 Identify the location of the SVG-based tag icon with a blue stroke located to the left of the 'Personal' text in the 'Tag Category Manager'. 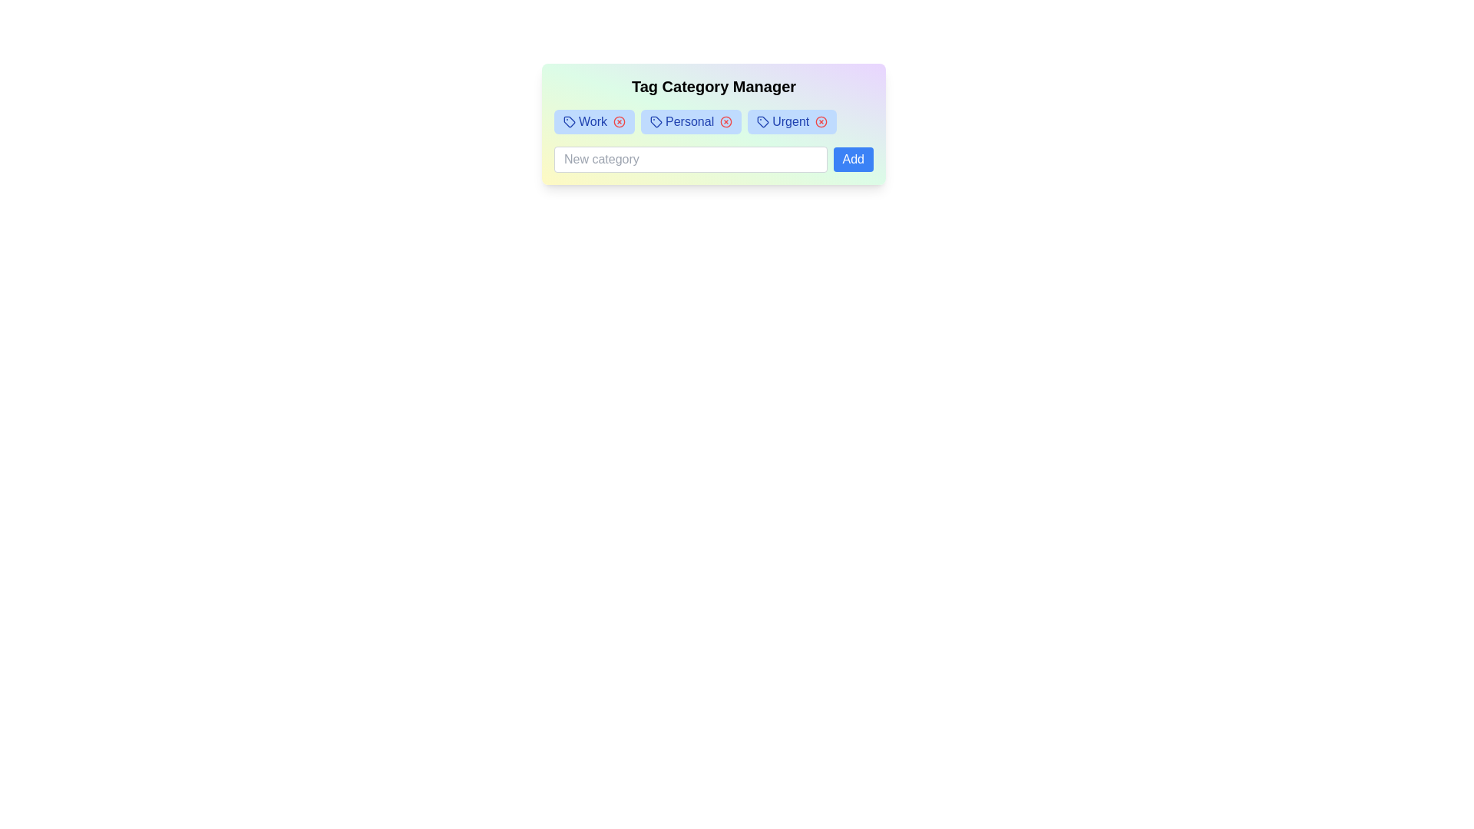
(656, 121).